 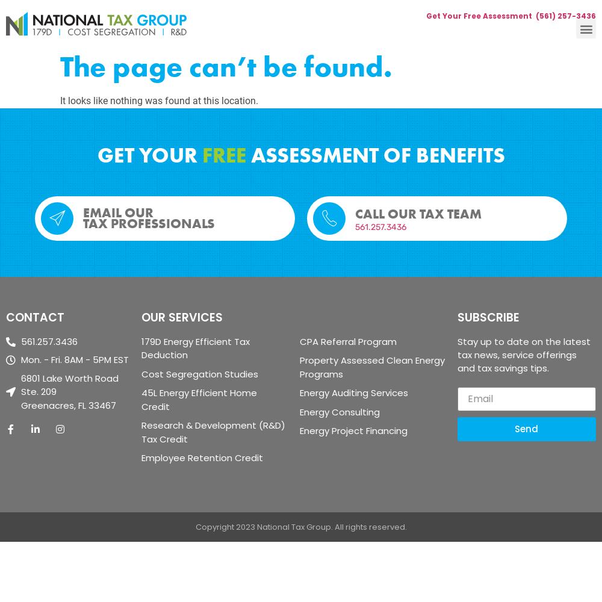 What do you see at coordinates (526, 428) in the screenshot?
I see `'Send'` at bounding box center [526, 428].